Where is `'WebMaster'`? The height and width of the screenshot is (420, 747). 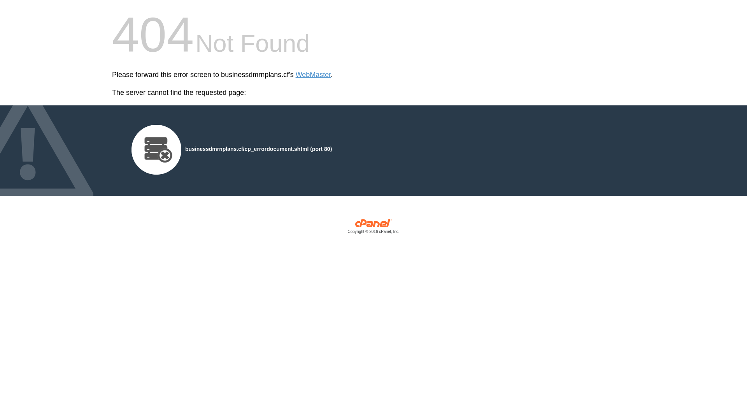 'WebMaster' is located at coordinates (295, 75).